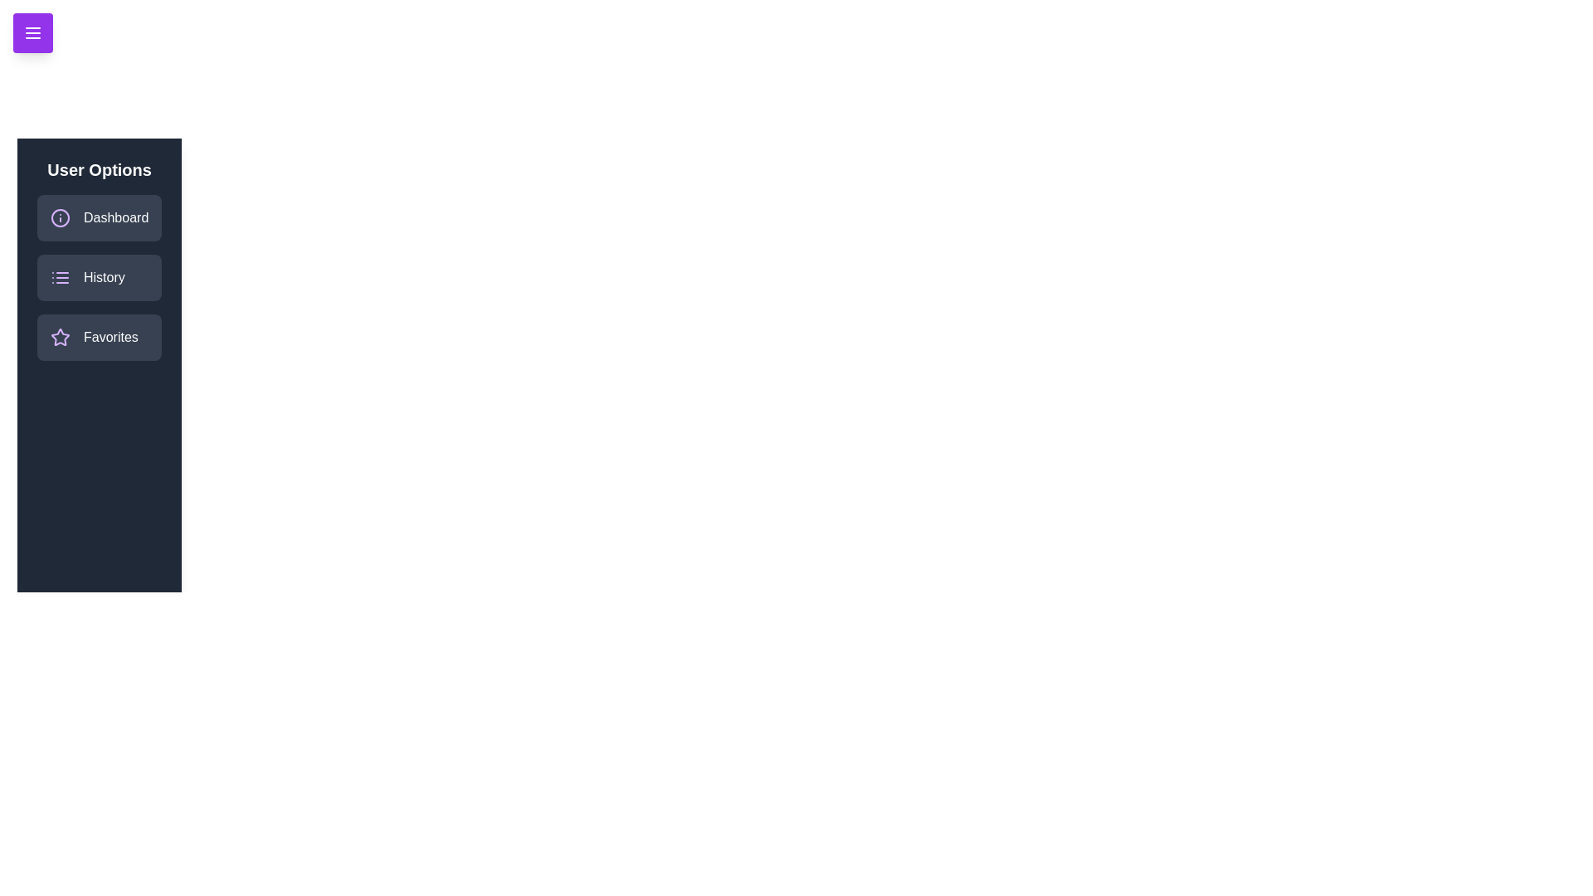 The height and width of the screenshot is (896, 1593). What do you see at coordinates (99, 337) in the screenshot?
I see `the 'Favorites' menu option` at bounding box center [99, 337].